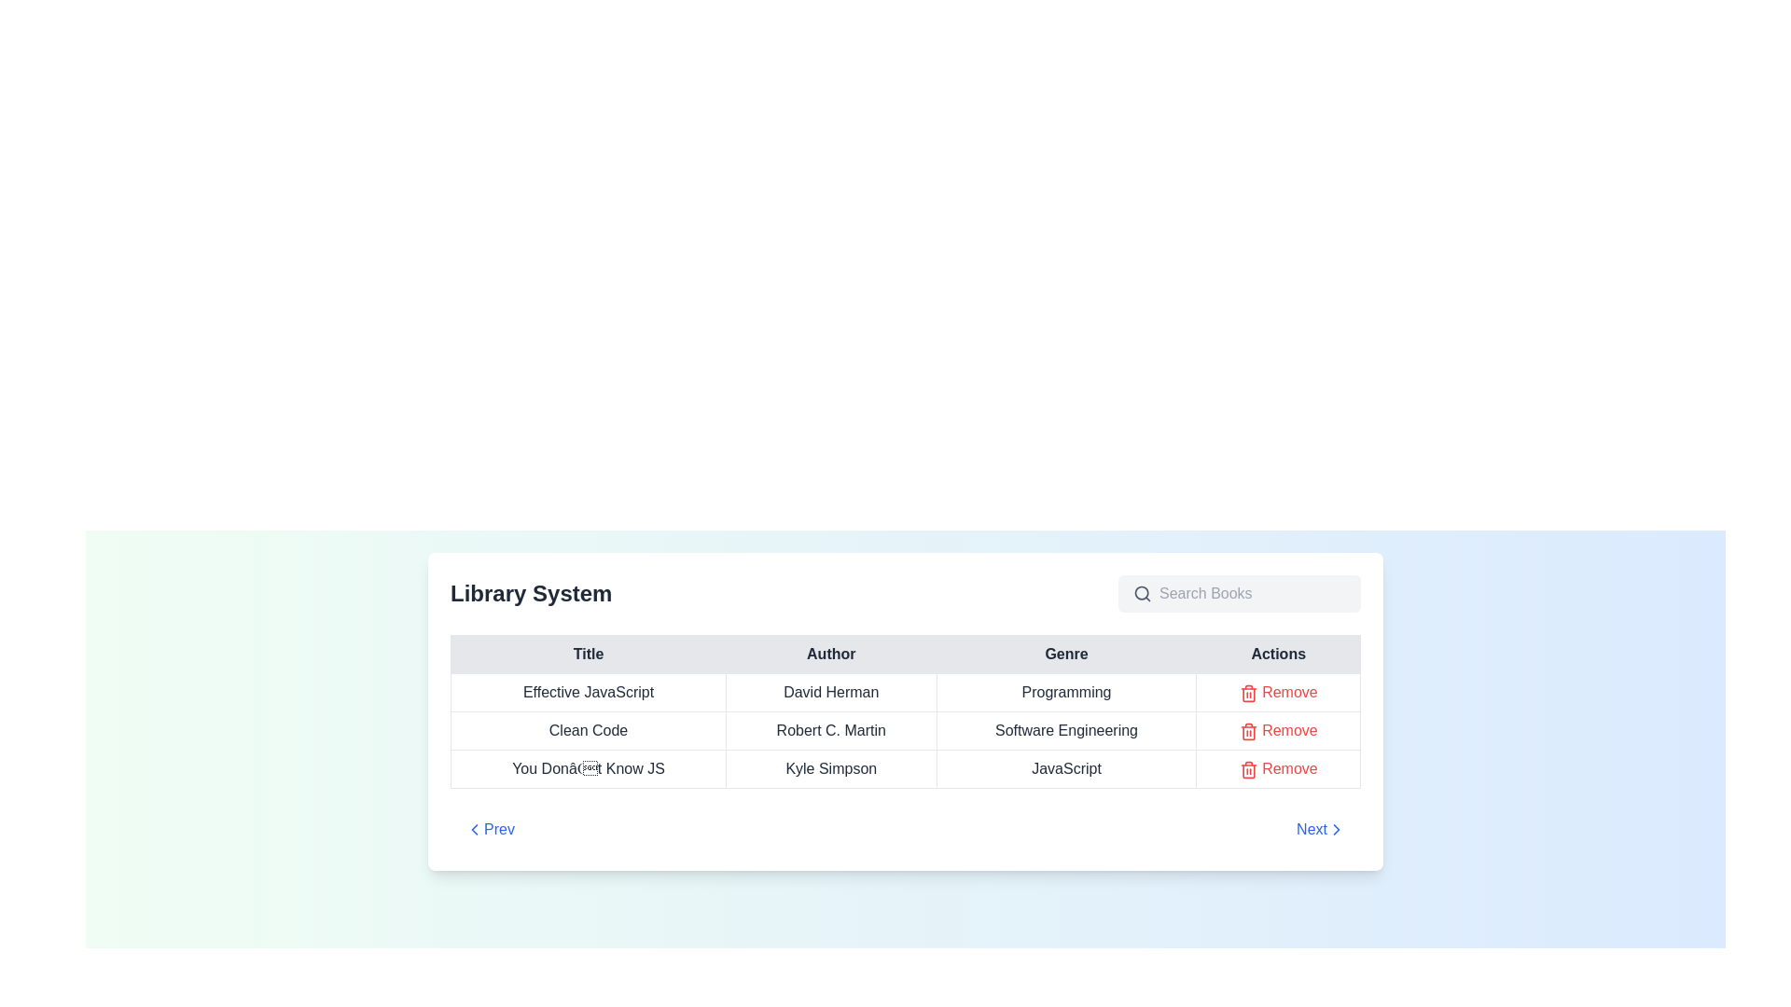 This screenshot has height=1007, width=1791. What do you see at coordinates (1248, 769) in the screenshot?
I see `the delete icon resembling a trash can located in the bottom row of the 'Actions' column in the 'Library System' table` at bounding box center [1248, 769].